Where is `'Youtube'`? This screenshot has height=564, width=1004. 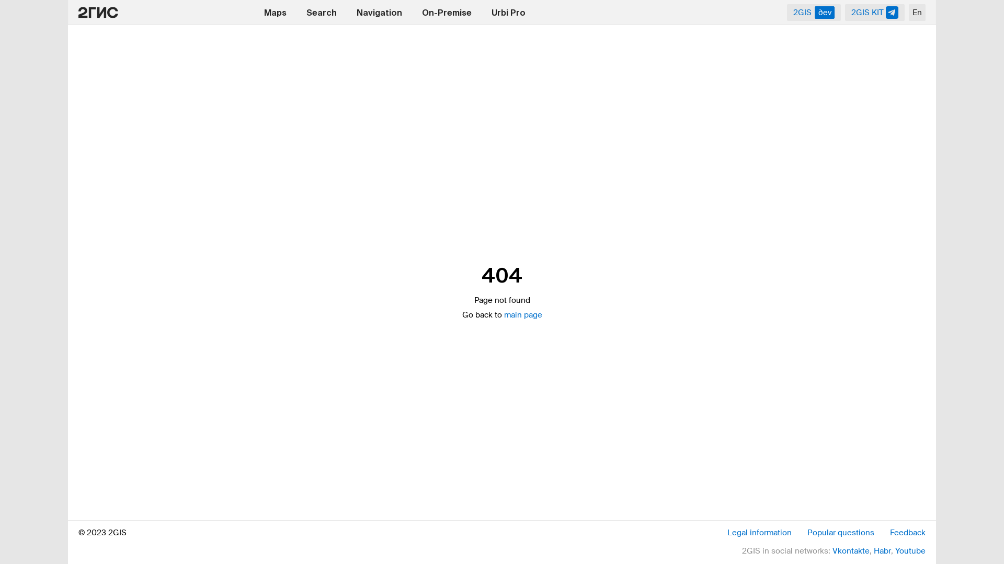
'Youtube' is located at coordinates (910, 550).